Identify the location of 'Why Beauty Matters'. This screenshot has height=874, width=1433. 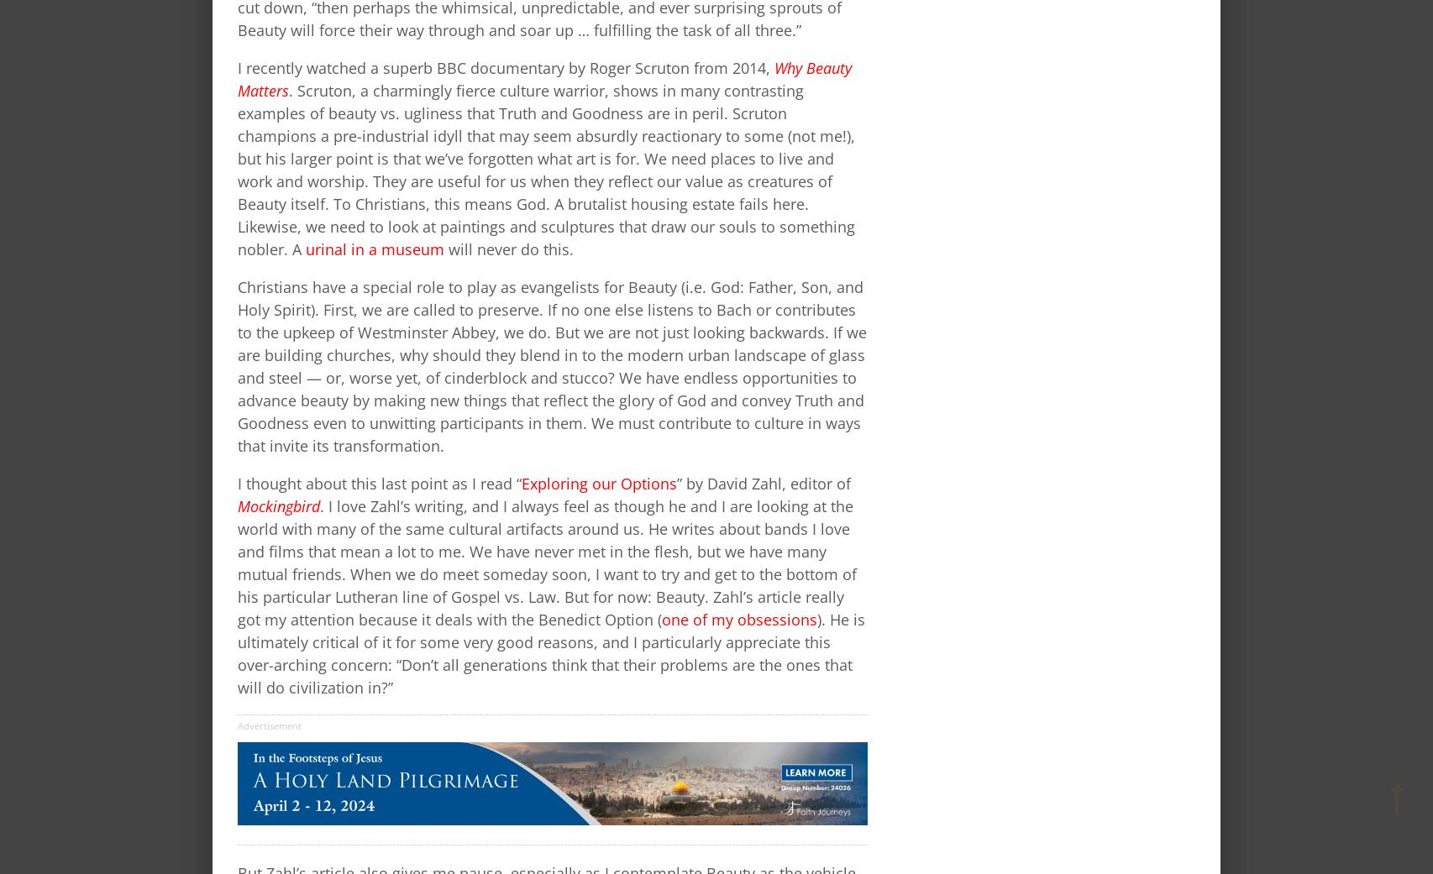
(543, 77).